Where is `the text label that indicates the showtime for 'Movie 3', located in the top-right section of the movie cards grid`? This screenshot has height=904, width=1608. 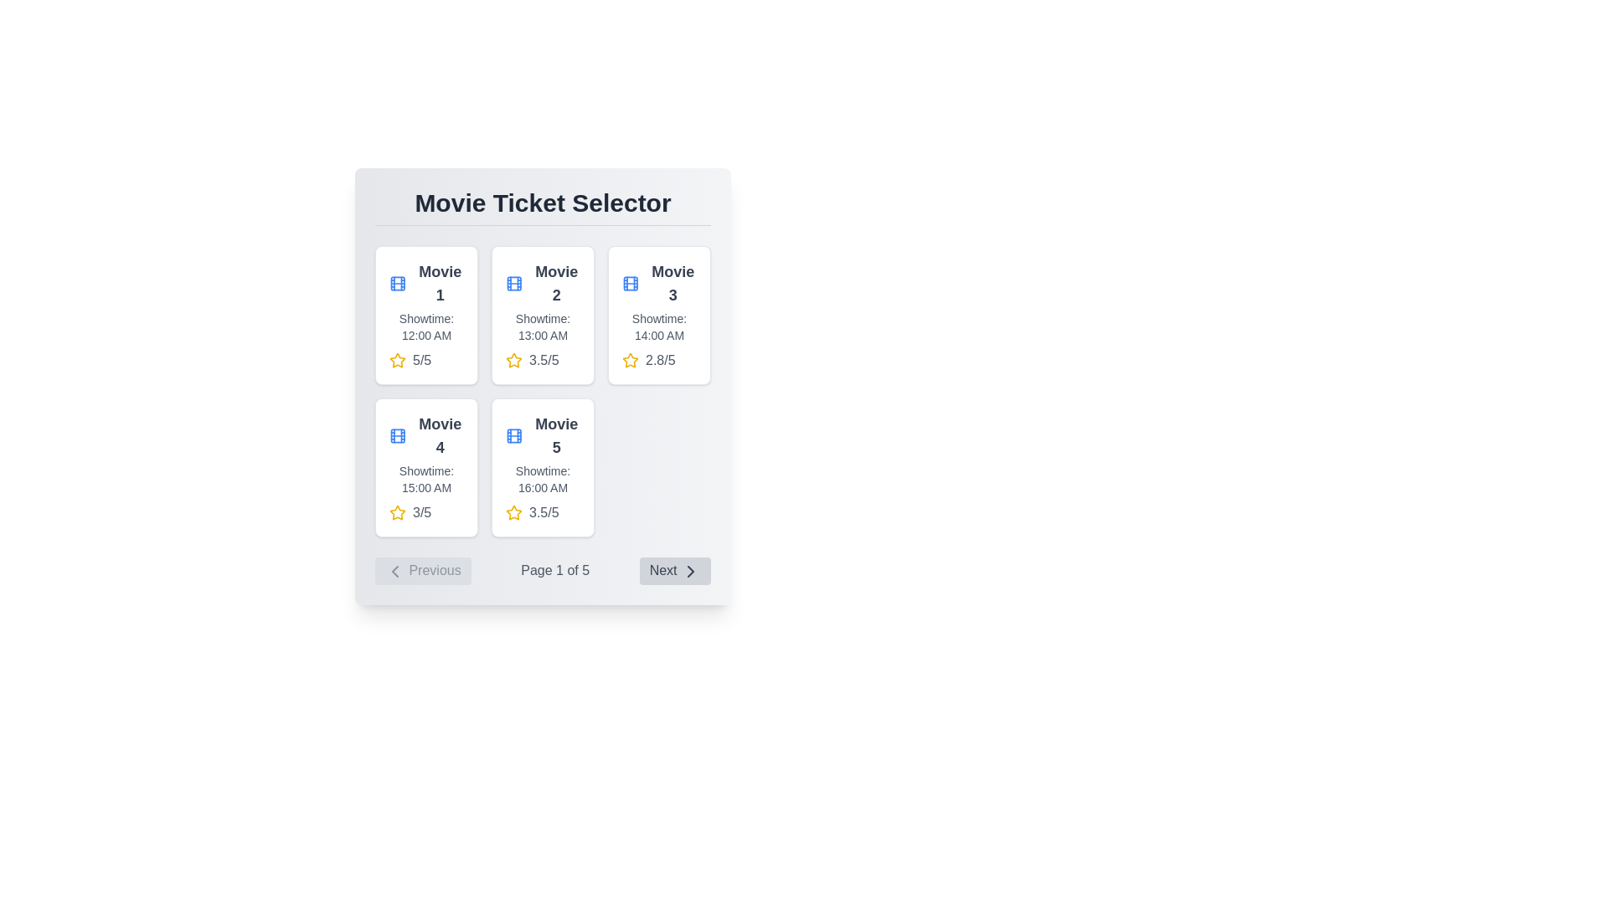
the text label that indicates the showtime for 'Movie 3', located in the top-right section of the movie cards grid is located at coordinates (658, 326).